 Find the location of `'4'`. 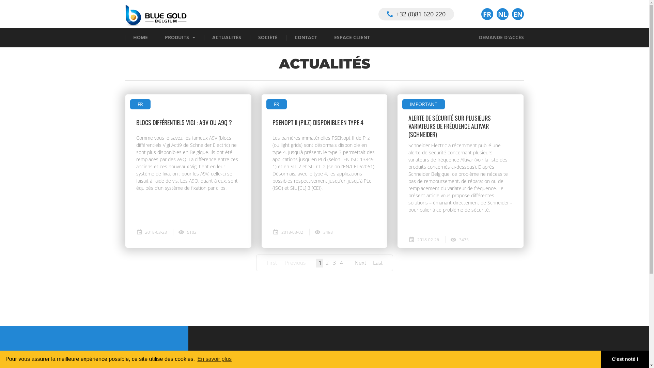

'4' is located at coordinates (342, 262).